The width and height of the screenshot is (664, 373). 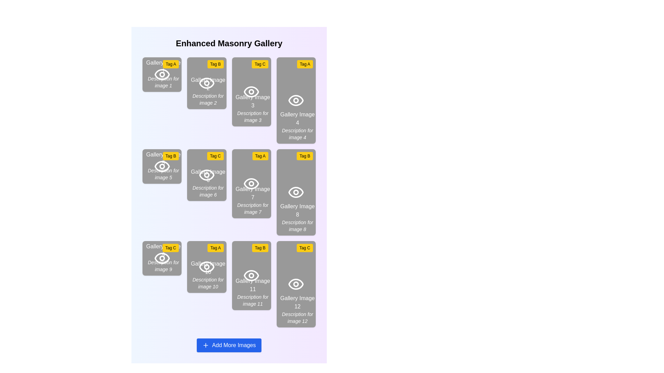 What do you see at coordinates (251, 92) in the screenshot?
I see `the elliptical outline of the eye icon within the tile labeled 'Gallery Image 3'` at bounding box center [251, 92].